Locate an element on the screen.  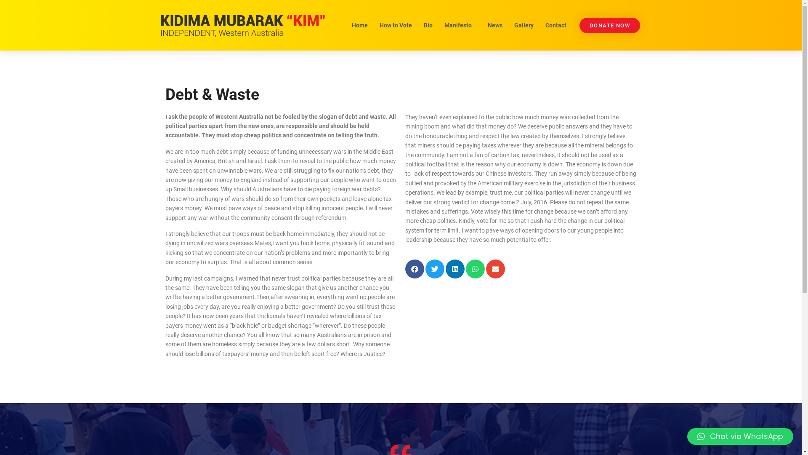
'Gallery' is located at coordinates (523, 25).